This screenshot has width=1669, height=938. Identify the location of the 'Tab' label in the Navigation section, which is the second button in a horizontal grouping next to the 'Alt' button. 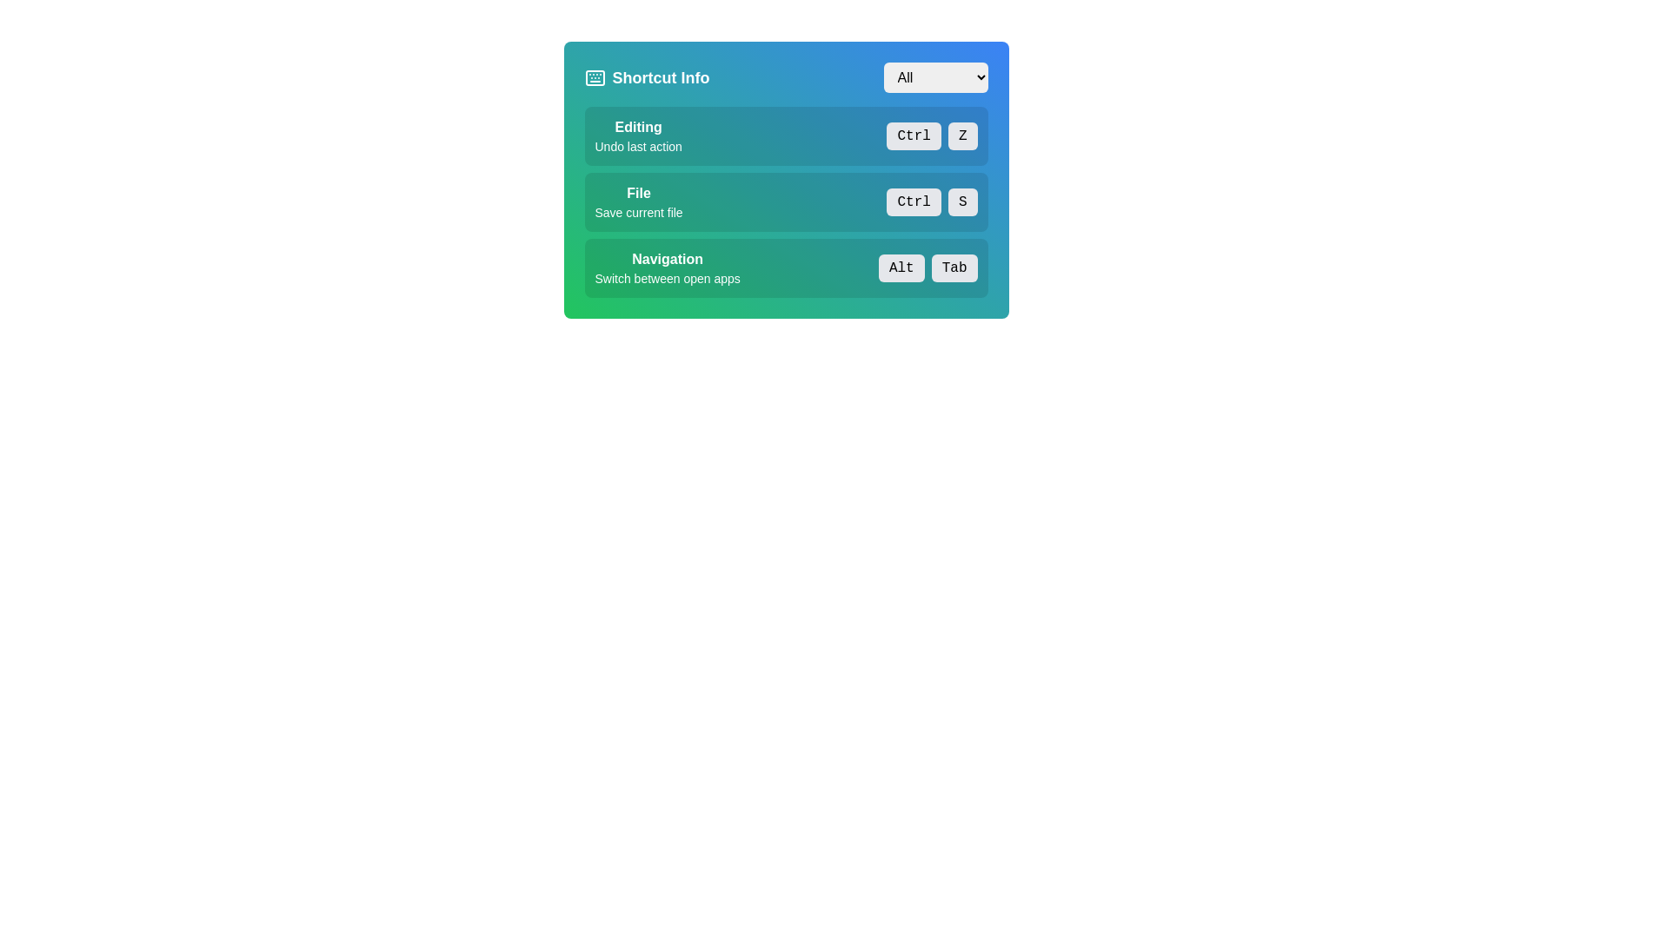
(954, 268).